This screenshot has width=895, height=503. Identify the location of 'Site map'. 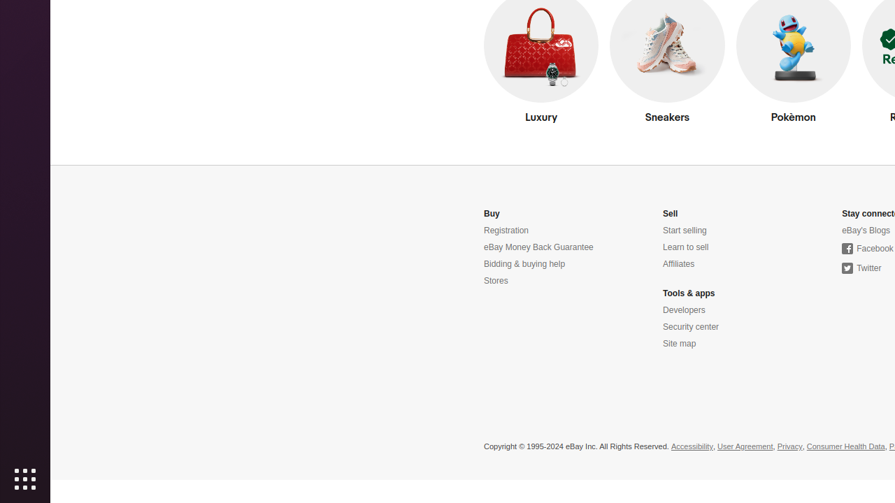
(680, 344).